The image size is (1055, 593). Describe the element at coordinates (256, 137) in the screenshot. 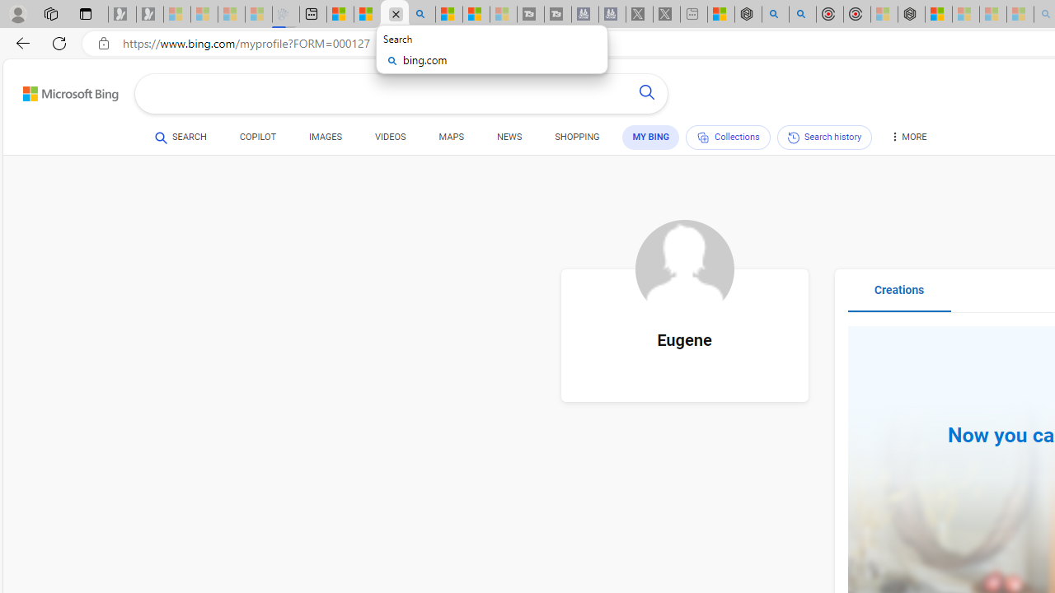

I see `'COPILOT'` at that location.